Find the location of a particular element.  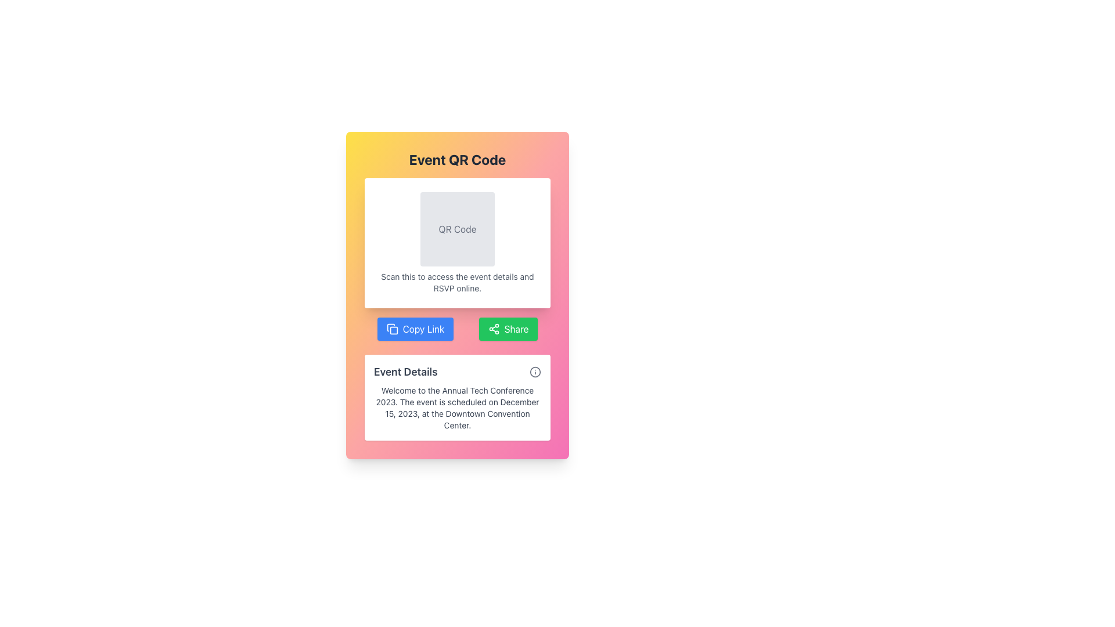

the 'Copy' action icon within the blue button that represents the functionality to copy a link to the clipboard is located at coordinates (394, 330).